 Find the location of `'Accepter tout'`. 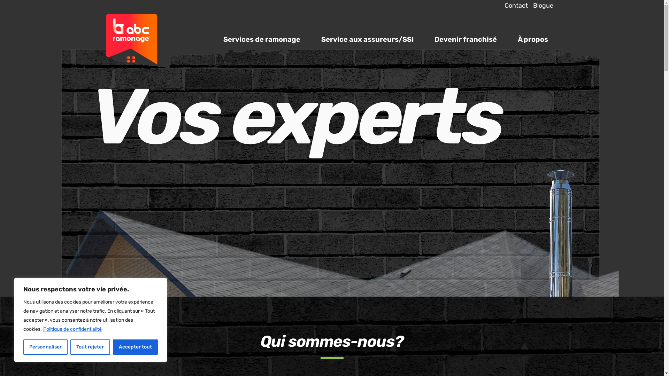

'Accepter tout' is located at coordinates (135, 347).